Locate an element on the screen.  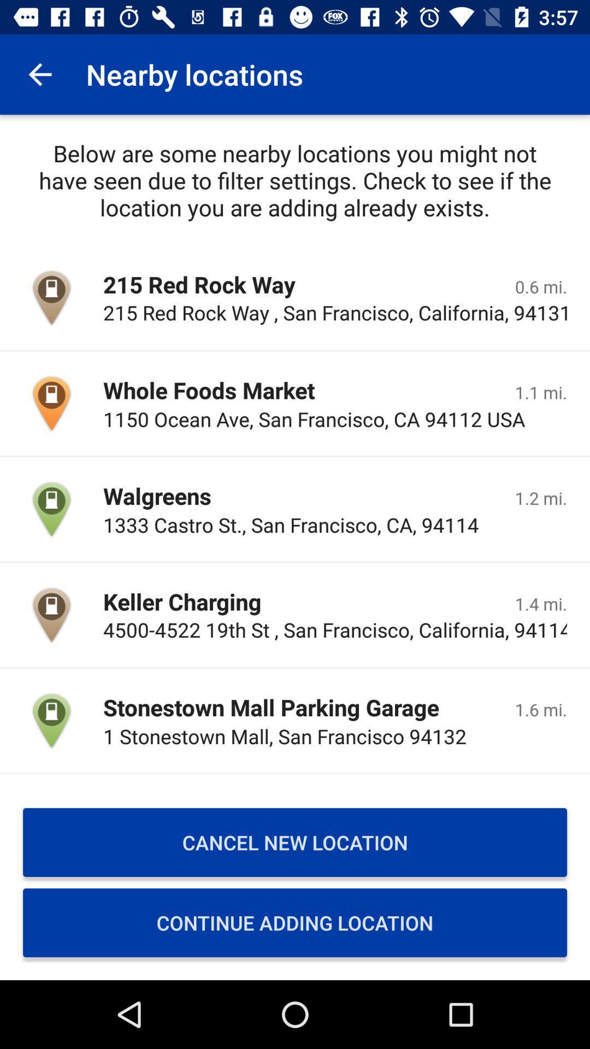
icon on the left side of whole foods market is located at coordinates (51, 403).